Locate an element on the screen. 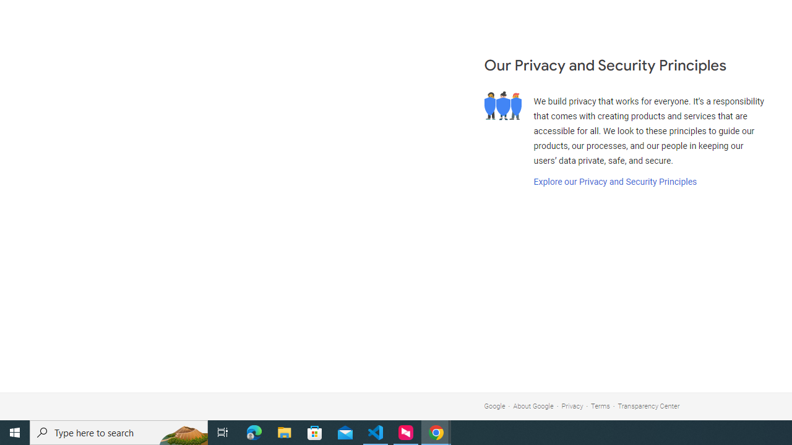 This screenshot has height=445, width=792. 'Terms' is located at coordinates (600, 406).